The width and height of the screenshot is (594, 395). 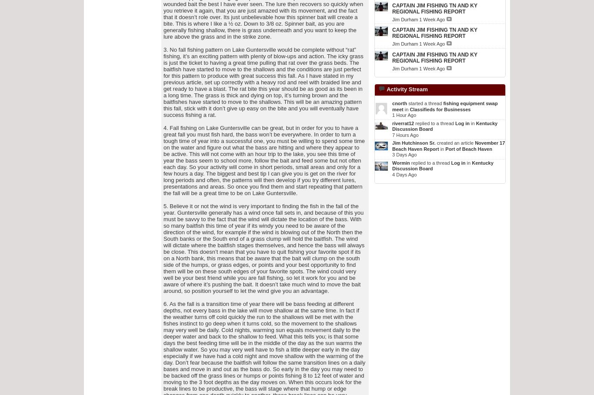 I want to click on '5. Believe it or not the wind is very important to finding the fish in the fall of the year. Guntersville generally has a wind once fall sets in, and because of this you must be savvy to the fact that the wind will dictate the location of the bass. With so many baitfish this time of year if its windy you need to be aware of the direction of the wind, for example if the wind is blowing out of the North then the South banks or the South end of a grass clump will hold the baitfish. The wind will dictate where the baitfish stages themselves, and hence the bass will always be close. This doesn’t mean that you have to quit fishing your favorite spot if its on a North bank, this means that be aware that the bait will clump on the south side of the humps, or grass edges, or points and your best opportunity to find them will be on these south edges of your favorite spots. The wind could very well be your best friend while you are fall fishing, so let it work for you and be aware of where it’s pushing the bait. It doesn’t take much wind to move the bait around, so position yourself to let the wind give you an advantage.', so click(x=263, y=248).